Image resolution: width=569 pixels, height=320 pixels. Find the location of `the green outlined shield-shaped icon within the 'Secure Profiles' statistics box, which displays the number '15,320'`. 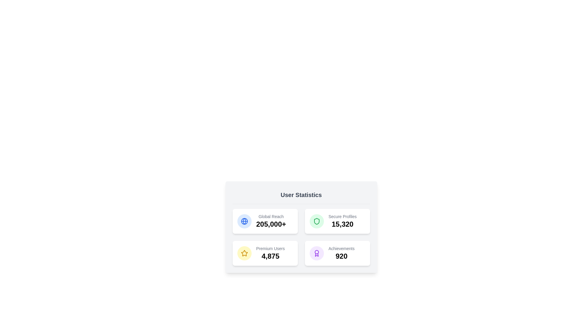

the green outlined shield-shaped icon within the 'Secure Profiles' statistics box, which displays the number '15,320' is located at coordinates (316, 221).